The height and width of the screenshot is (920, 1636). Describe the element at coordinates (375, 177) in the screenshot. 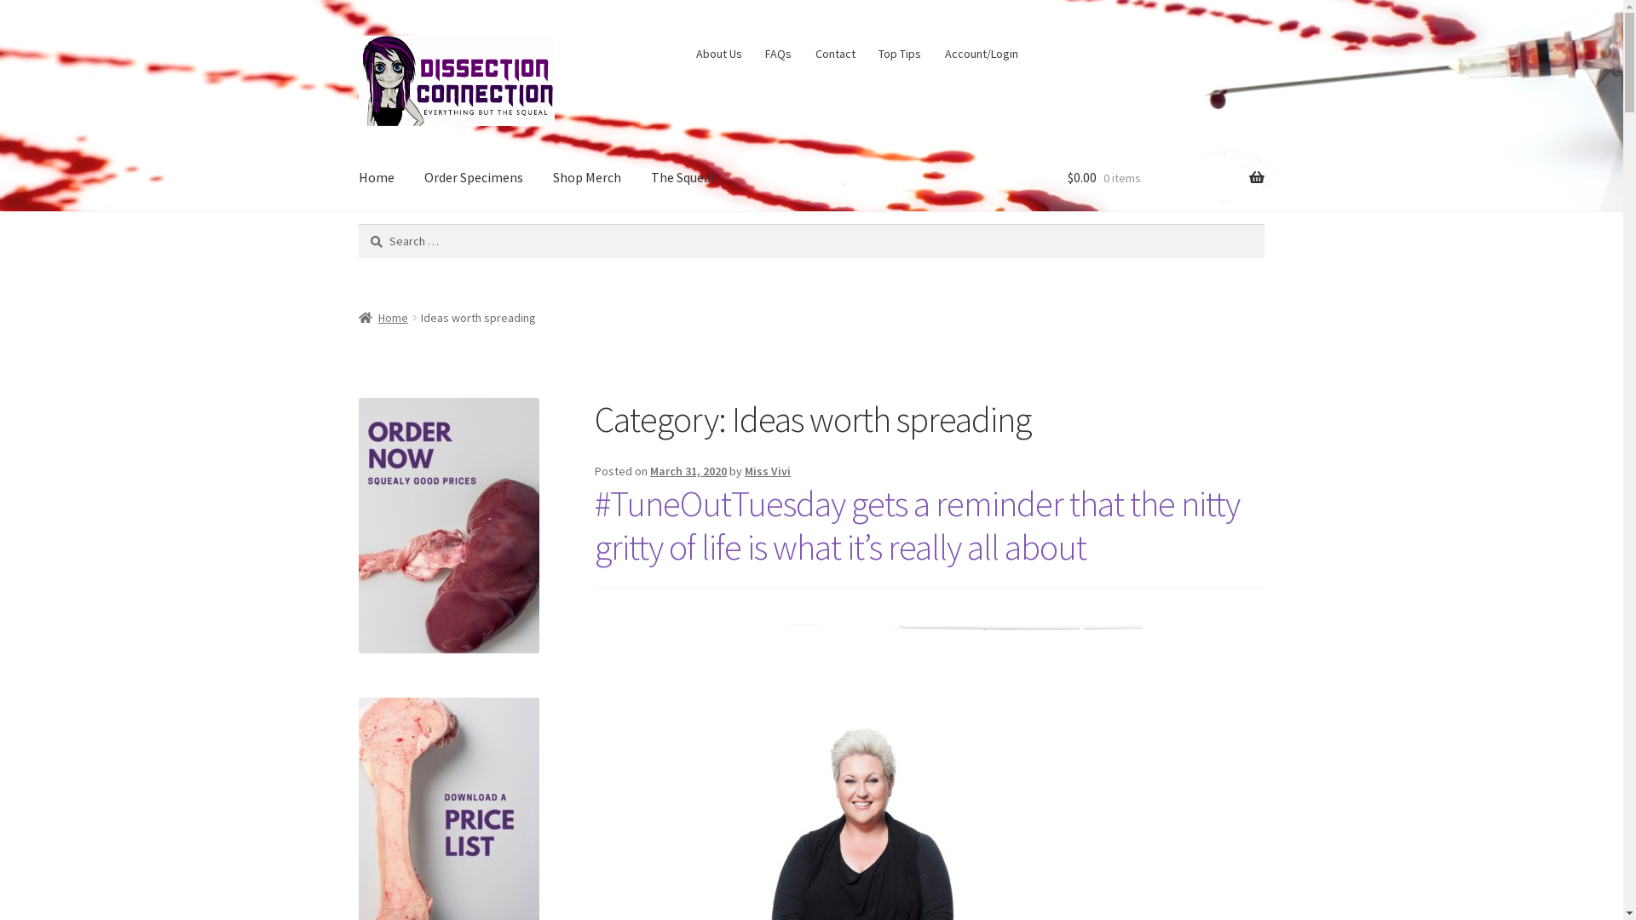

I see `'Home'` at that location.